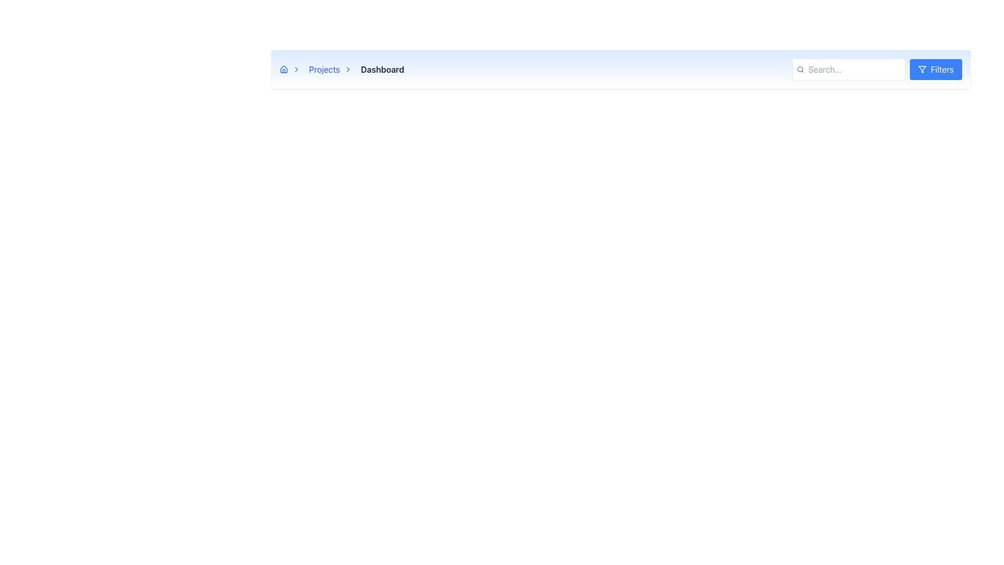  I want to click on the circular part of the magnifying glass icon located in the top-right corner of the search bar interface, so click(800, 69).